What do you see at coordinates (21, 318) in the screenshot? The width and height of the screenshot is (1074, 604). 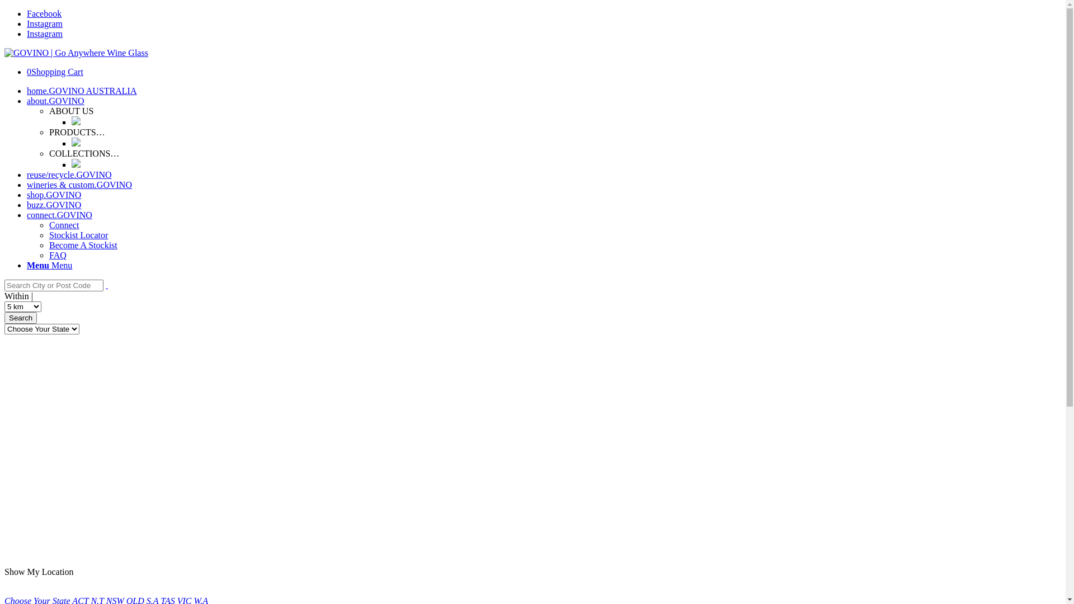 I see `'Search'` at bounding box center [21, 318].